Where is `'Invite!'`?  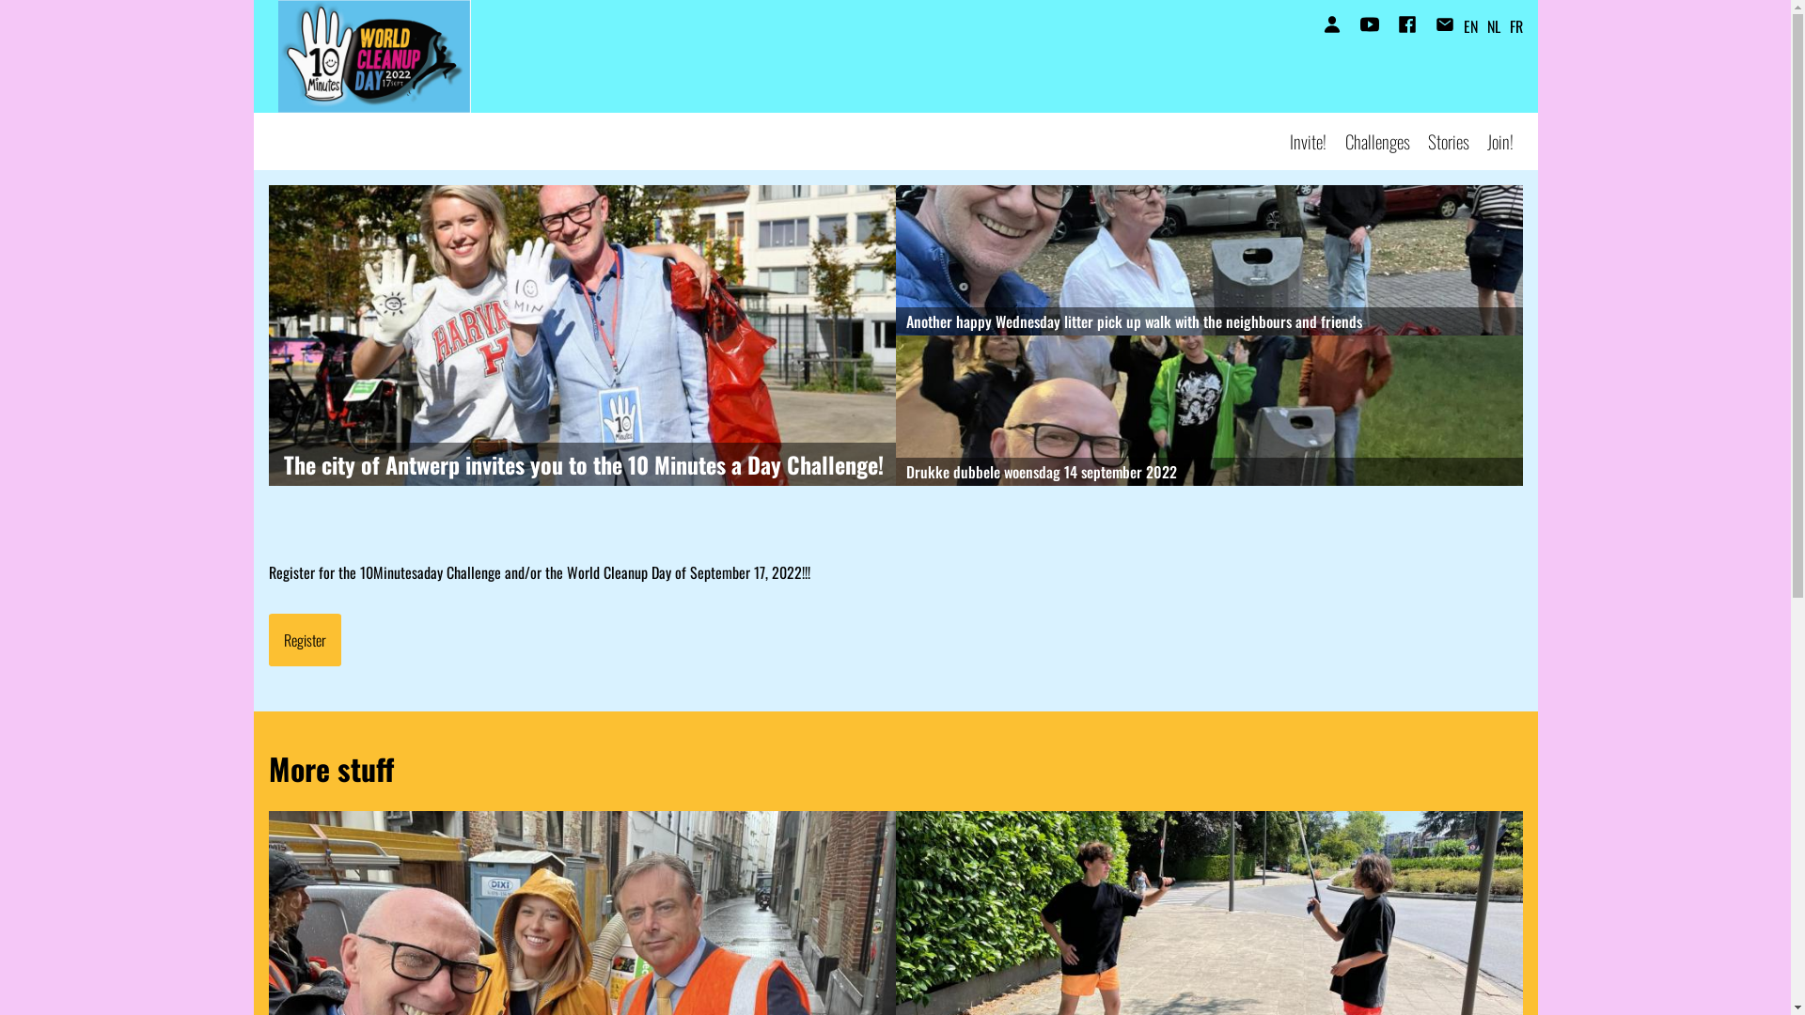
'Invite!' is located at coordinates (1307, 140).